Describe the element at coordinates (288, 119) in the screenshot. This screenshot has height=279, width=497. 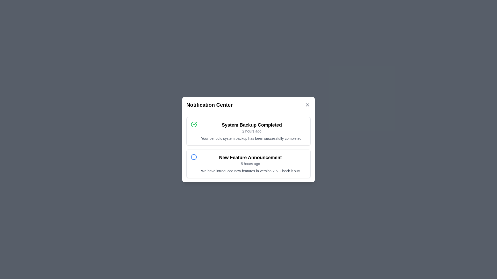
I see `details of the top notification card in the Notification Center that indicates a successful periodic system backup, located centrally in the white notification box` at that location.